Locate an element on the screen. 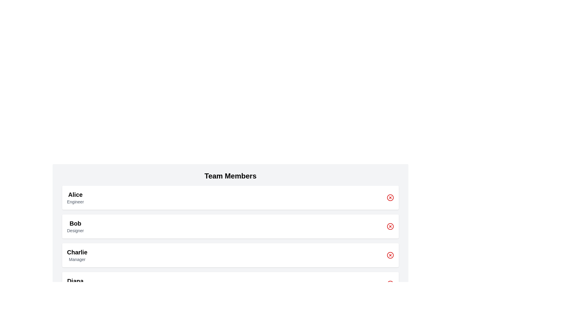  the text label displaying 'Bob', which is in bold and larger font size, positioned below 'Alice' and above 'Charlie' is located at coordinates (75, 223).